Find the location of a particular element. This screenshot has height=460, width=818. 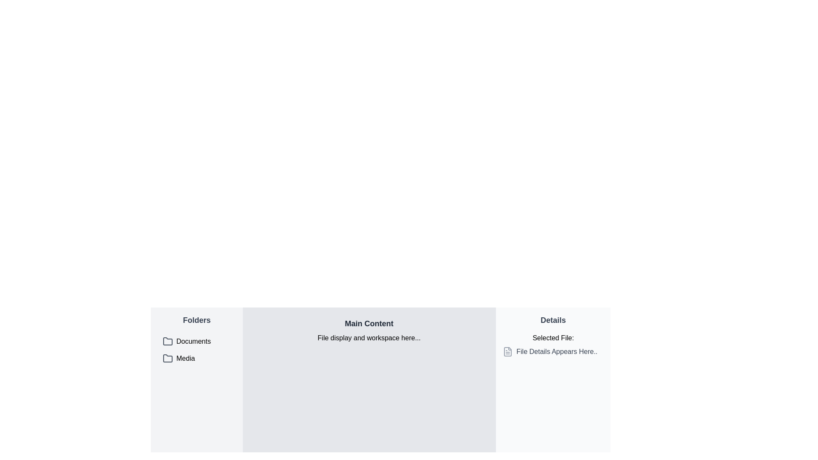

the 'Media' folder item, which is the second item in a vertical list of folders is located at coordinates (196, 358).